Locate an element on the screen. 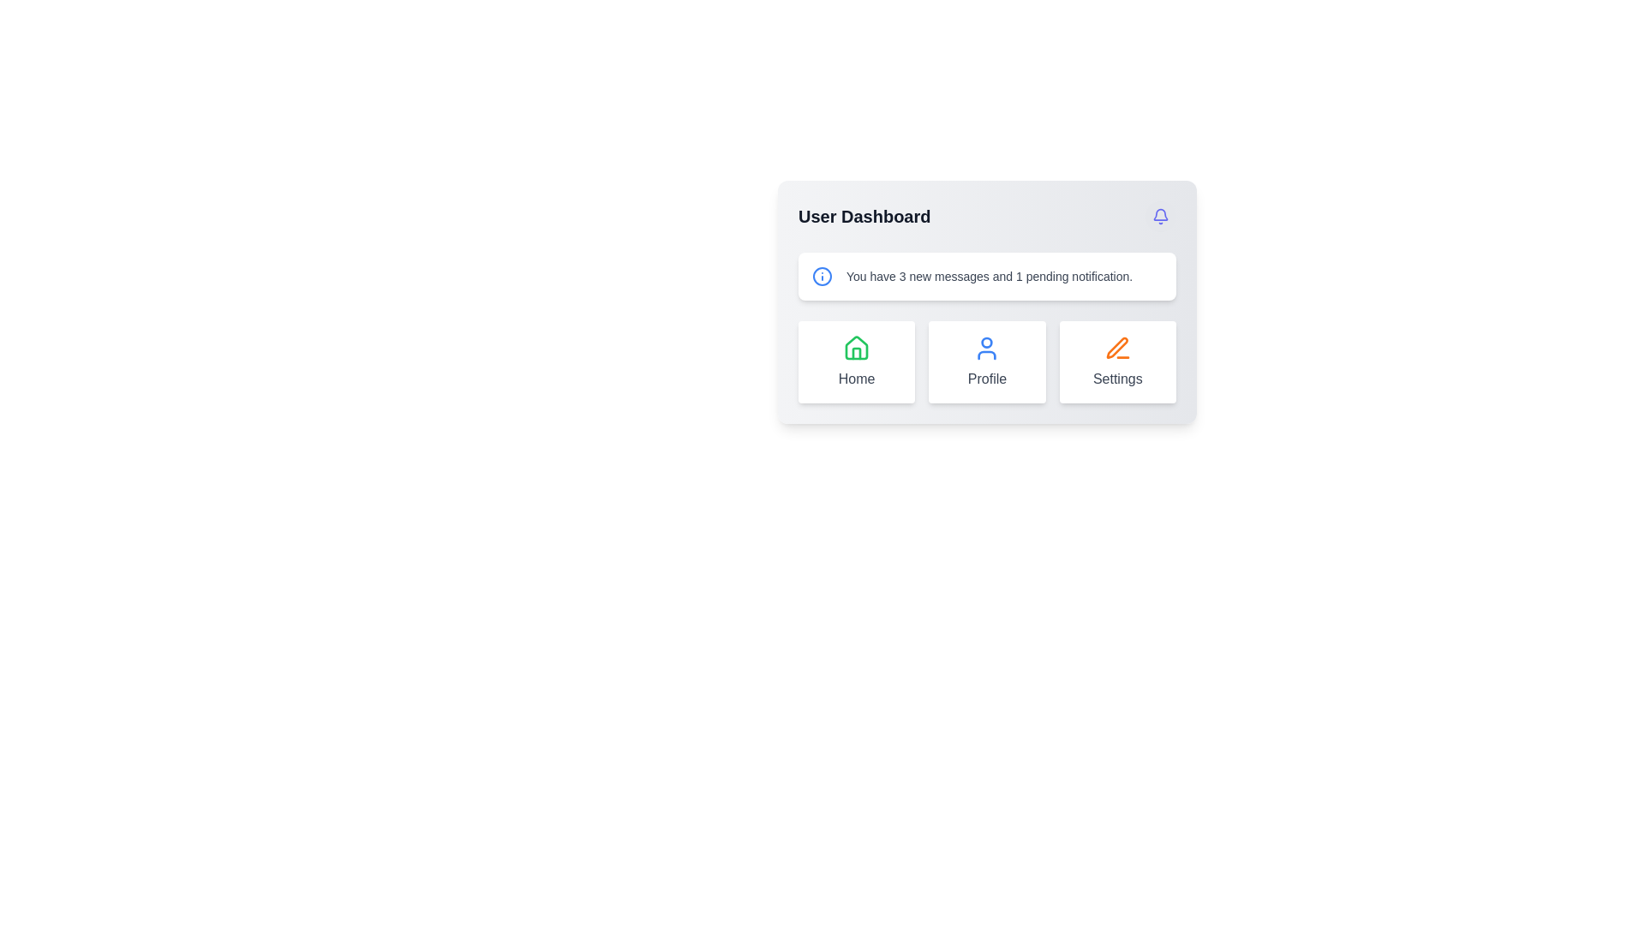 Image resolution: width=1645 pixels, height=925 pixels. text content of the 'Home' section label, which is positioned below a green house-shaped icon on the user dashboard is located at coordinates (857, 379).